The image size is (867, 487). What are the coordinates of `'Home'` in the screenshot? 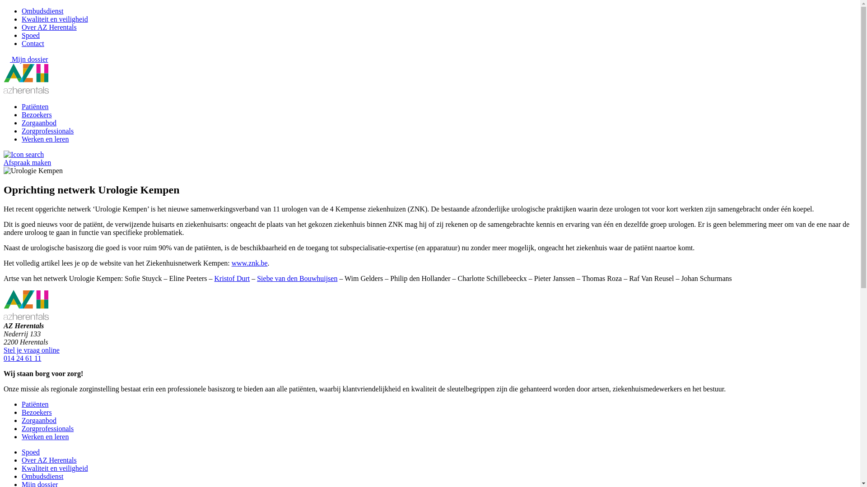 It's located at (26, 317).